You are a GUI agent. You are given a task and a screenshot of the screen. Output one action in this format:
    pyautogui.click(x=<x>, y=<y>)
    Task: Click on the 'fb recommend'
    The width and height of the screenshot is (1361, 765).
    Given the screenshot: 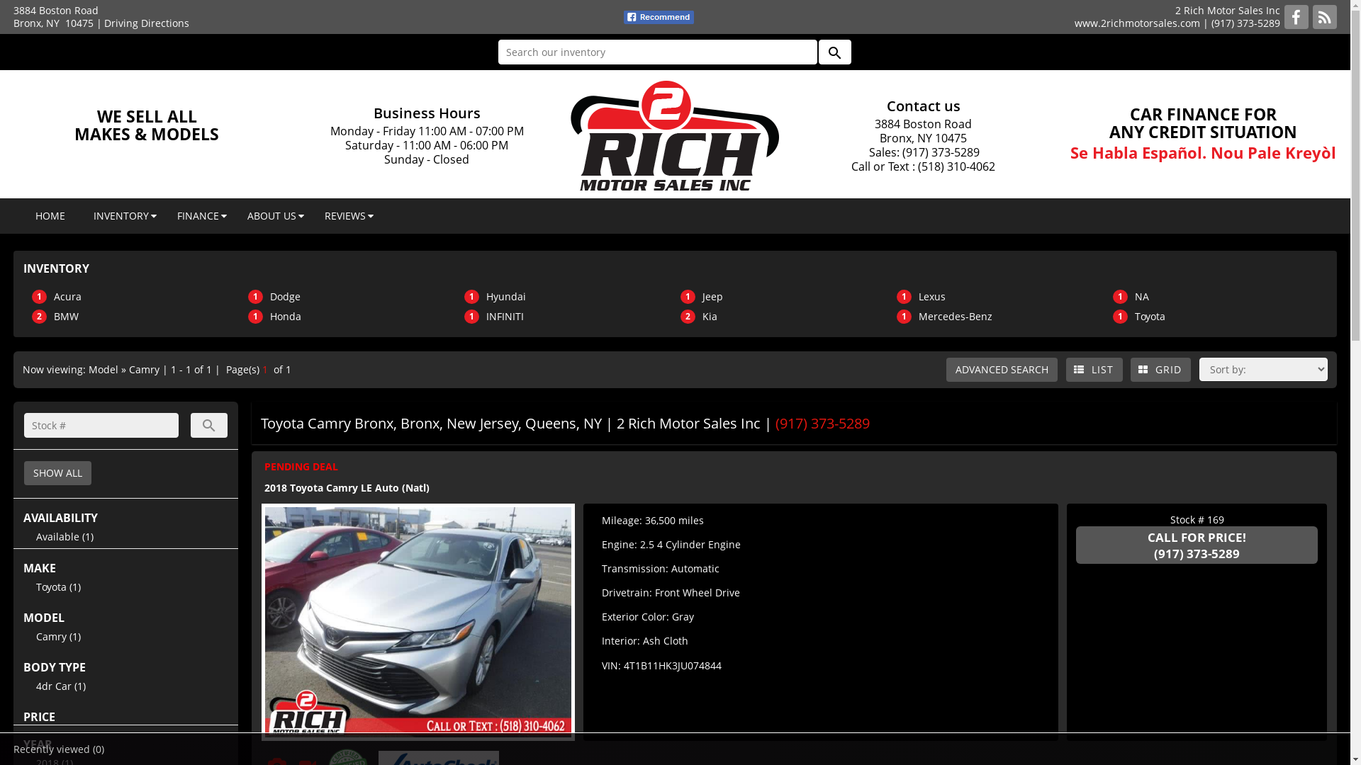 What is the action you would take?
    pyautogui.click(x=658, y=17)
    